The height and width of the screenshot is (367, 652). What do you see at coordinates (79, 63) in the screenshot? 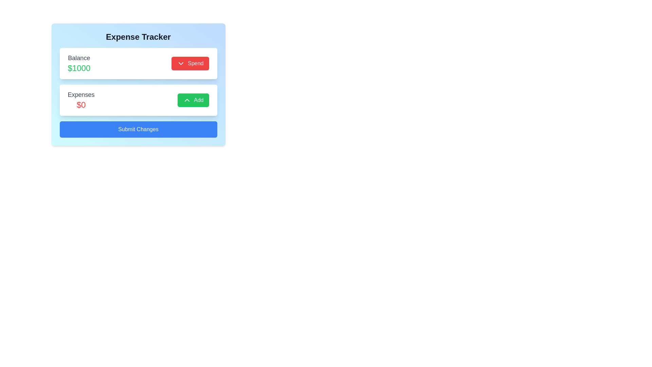
I see `contents of the Text display showing the current balance information, which includes the word 'Balance' in medium gray font and the amount '$1000' in green color, located at the top-left section of a card interface` at bounding box center [79, 63].